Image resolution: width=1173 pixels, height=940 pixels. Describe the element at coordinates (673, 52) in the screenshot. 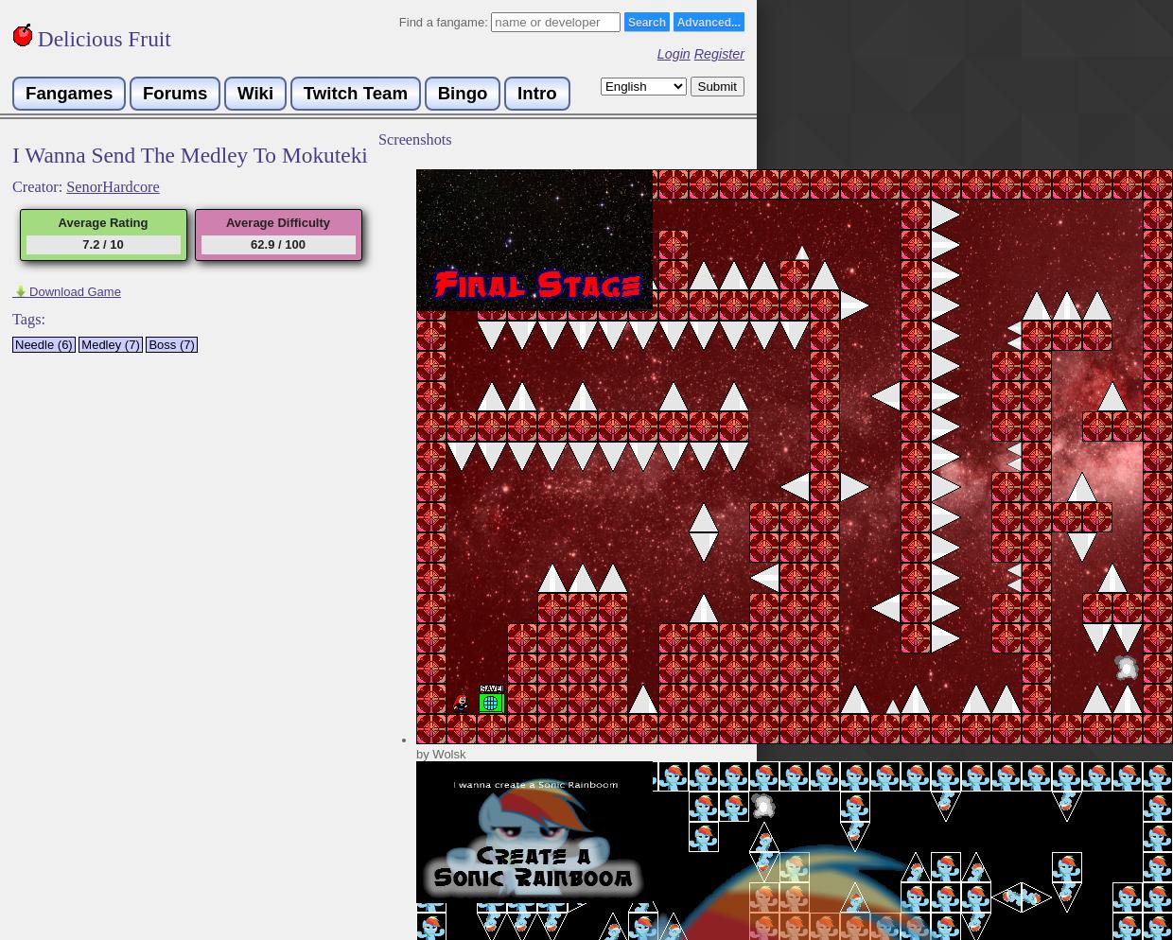

I see `'Login'` at that location.